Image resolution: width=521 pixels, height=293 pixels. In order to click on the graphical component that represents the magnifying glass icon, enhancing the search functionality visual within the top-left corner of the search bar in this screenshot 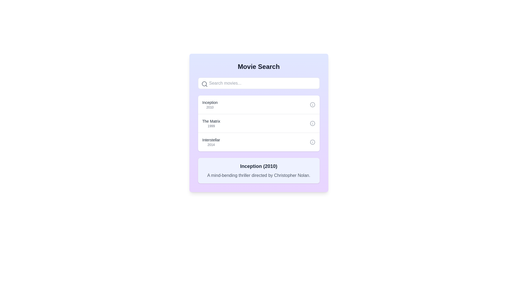, I will do `click(204, 84)`.